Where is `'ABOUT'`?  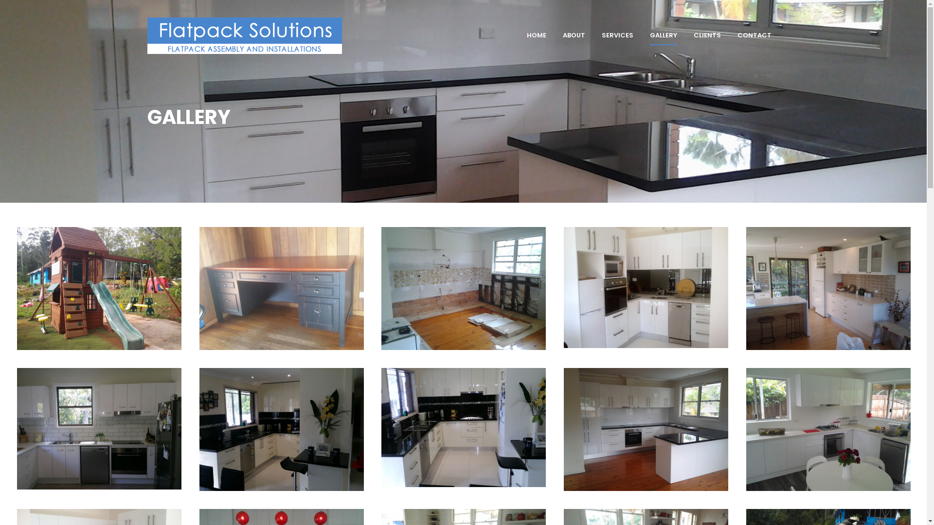 'ABOUT' is located at coordinates (574, 35).